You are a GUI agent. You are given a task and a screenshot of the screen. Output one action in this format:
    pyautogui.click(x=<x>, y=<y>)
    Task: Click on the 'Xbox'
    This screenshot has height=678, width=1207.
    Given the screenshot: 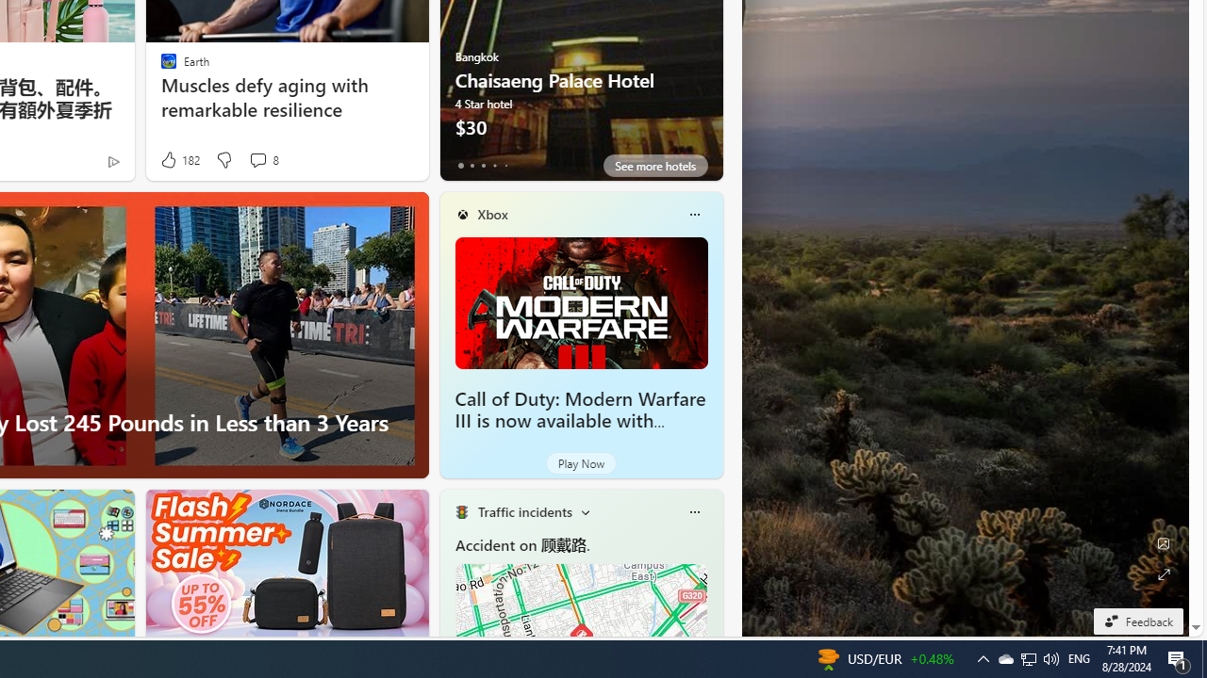 What is the action you would take?
    pyautogui.click(x=492, y=213)
    